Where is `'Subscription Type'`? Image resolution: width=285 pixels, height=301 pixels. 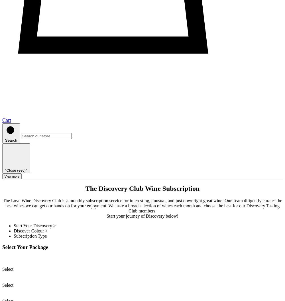 'Subscription Type' is located at coordinates (30, 236).